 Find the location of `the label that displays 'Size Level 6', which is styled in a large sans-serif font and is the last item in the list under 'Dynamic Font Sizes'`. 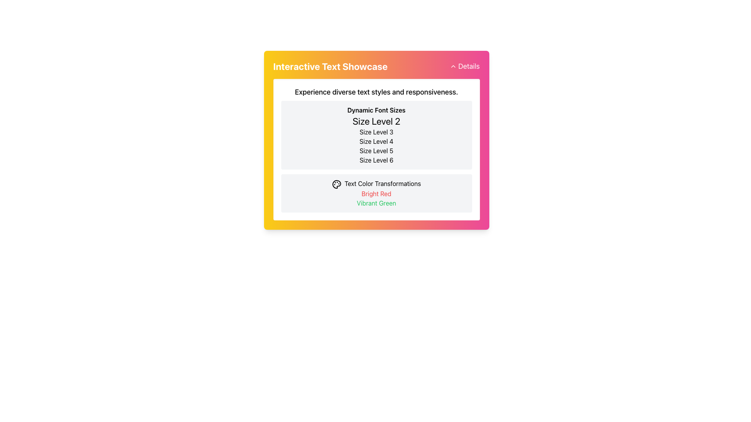

the label that displays 'Size Level 6', which is styled in a large sans-serif font and is the last item in the list under 'Dynamic Font Sizes' is located at coordinates (376, 159).